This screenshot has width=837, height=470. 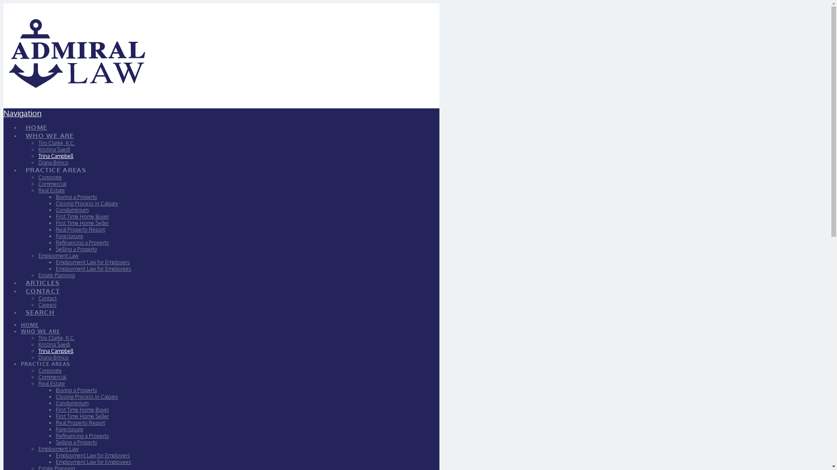 I want to click on 'First Time Home Seller', so click(x=82, y=416).